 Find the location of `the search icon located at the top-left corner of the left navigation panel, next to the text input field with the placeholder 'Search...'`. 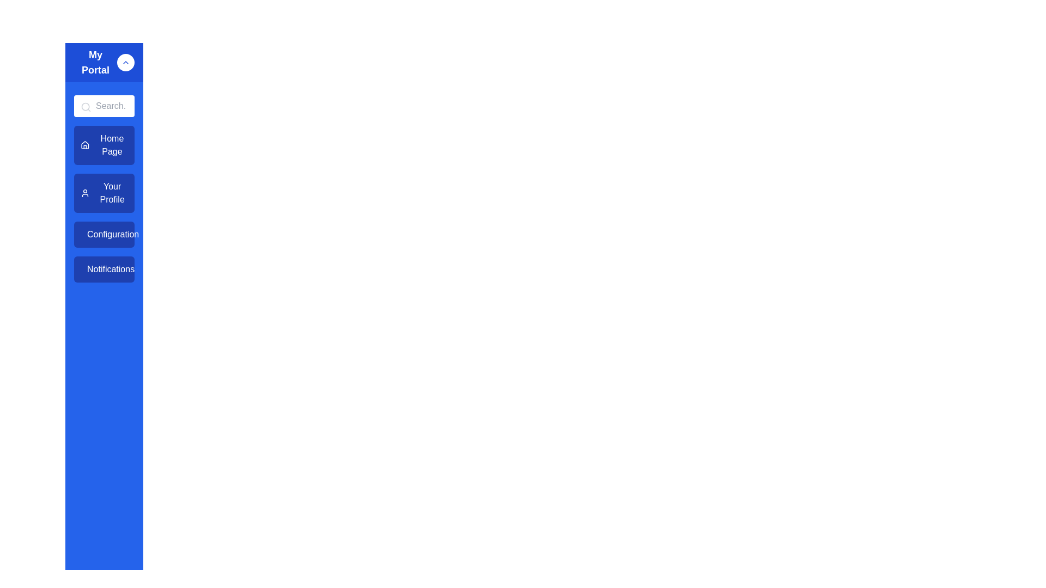

the search icon located at the top-left corner of the left navigation panel, next to the text input field with the placeholder 'Search...' is located at coordinates (86, 107).